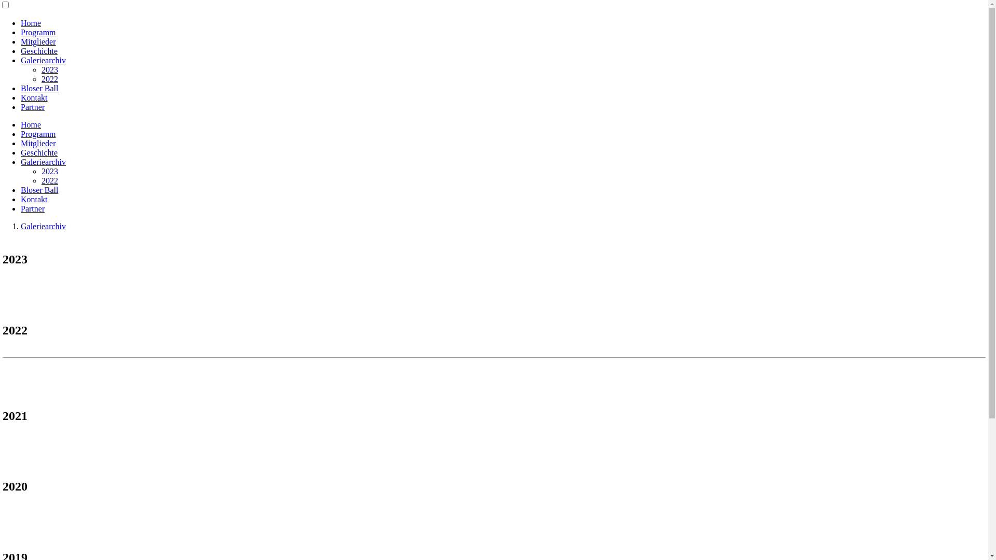 This screenshot has height=560, width=996. I want to click on 'Geschichte', so click(39, 51).